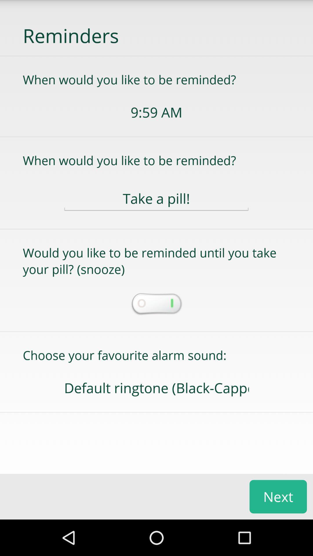  What do you see at coordinates (156, 304) in the screenshot?
I see `click the blinking box if you want to setup a reminder to take your pills` at bounding box center [156, 304].